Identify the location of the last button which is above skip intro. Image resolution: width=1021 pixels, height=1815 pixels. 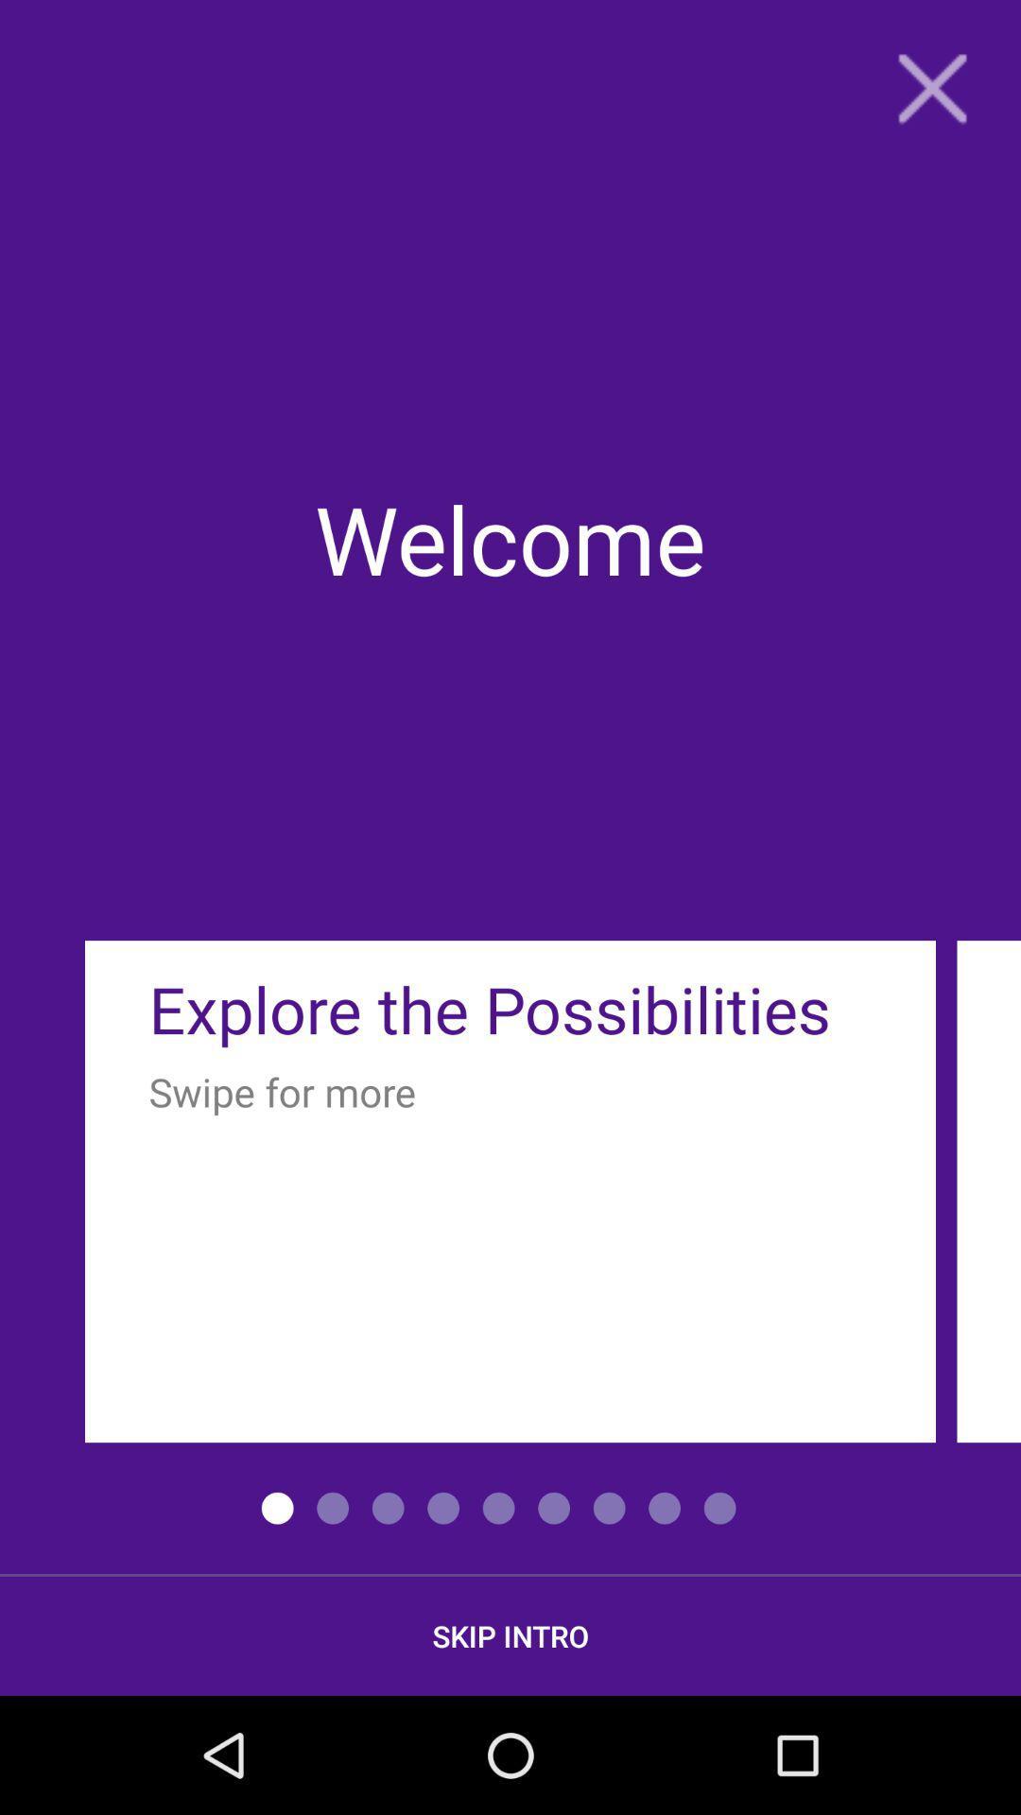
(720, 1508).